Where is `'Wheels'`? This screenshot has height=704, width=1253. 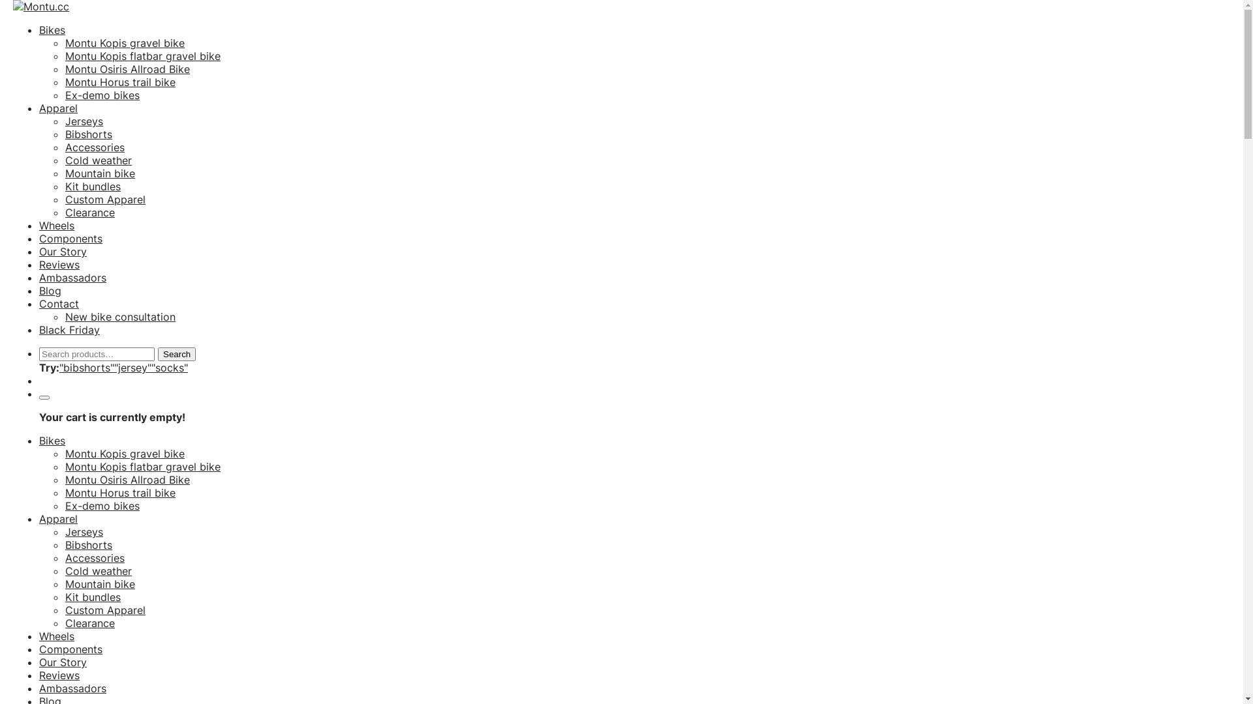
'Wheels' is located at coordinates (39, 635).